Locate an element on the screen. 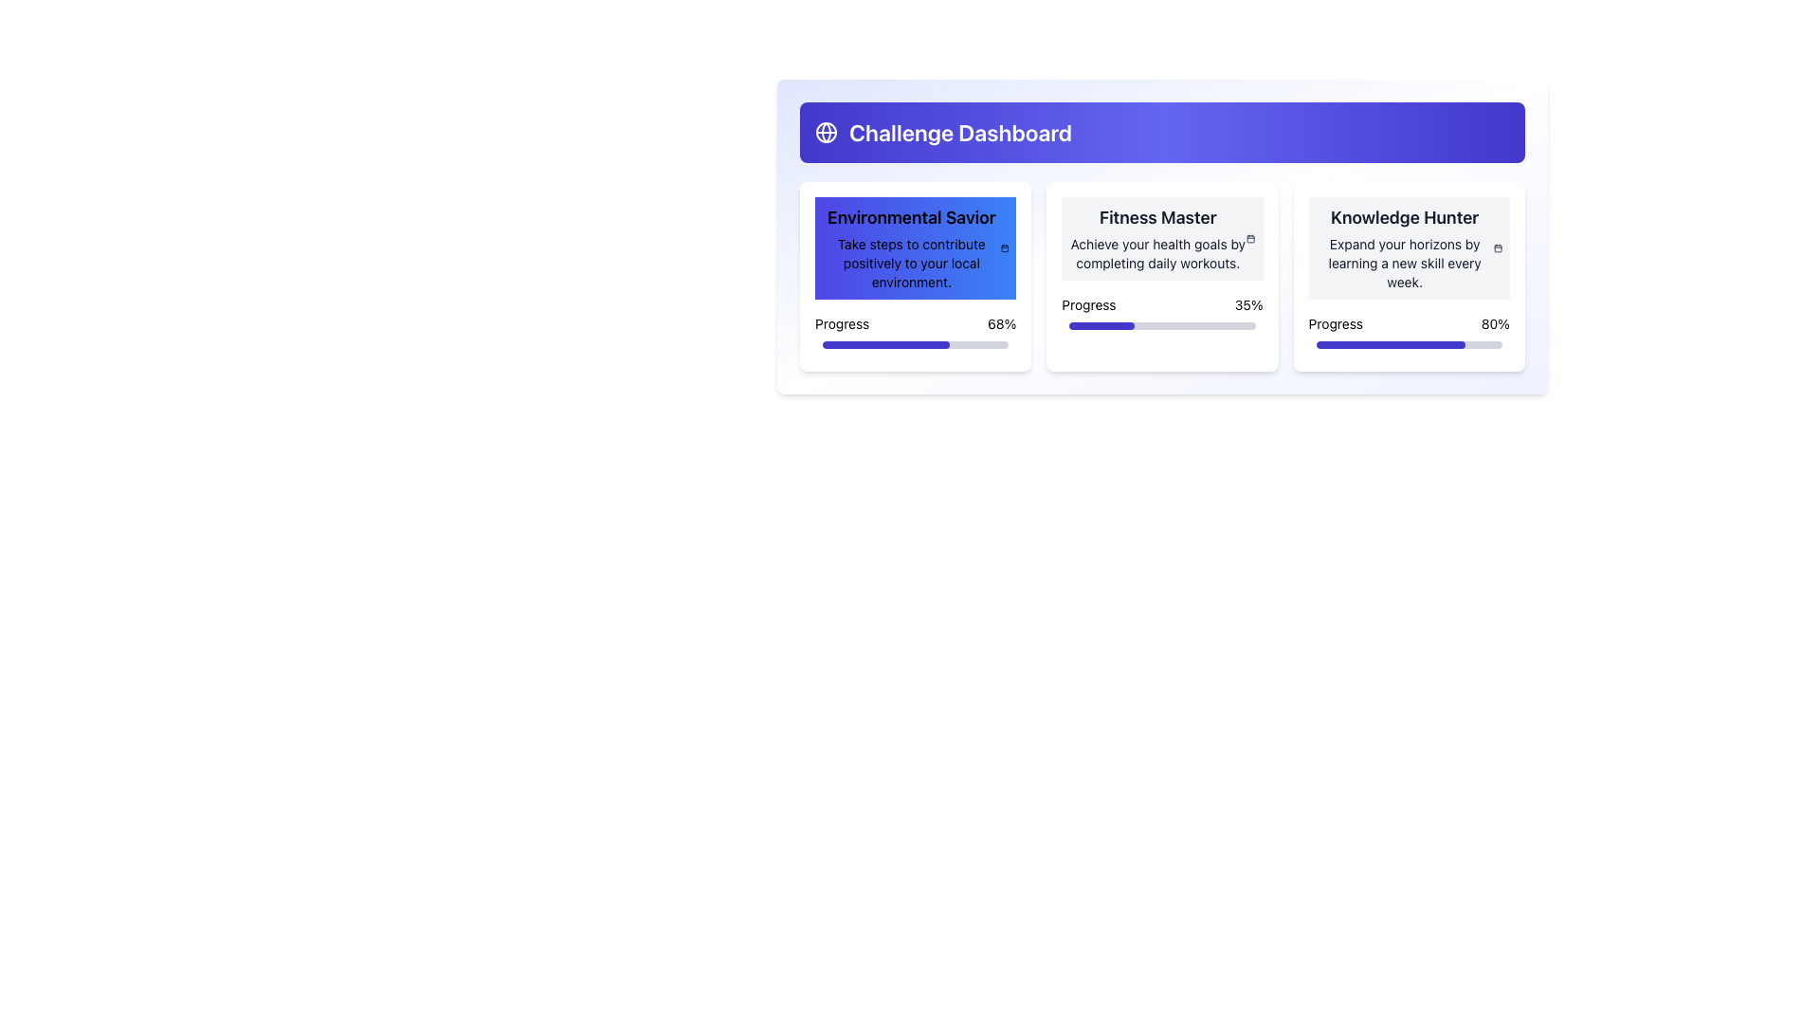 This screenshot has width=1820, height=1024. the calendar icon located to the immediate right of the description text 'Expand your horizons by learning a new skill every week.' in the 'Knowledge Hunter' module is located at coordinates (1497, 247).